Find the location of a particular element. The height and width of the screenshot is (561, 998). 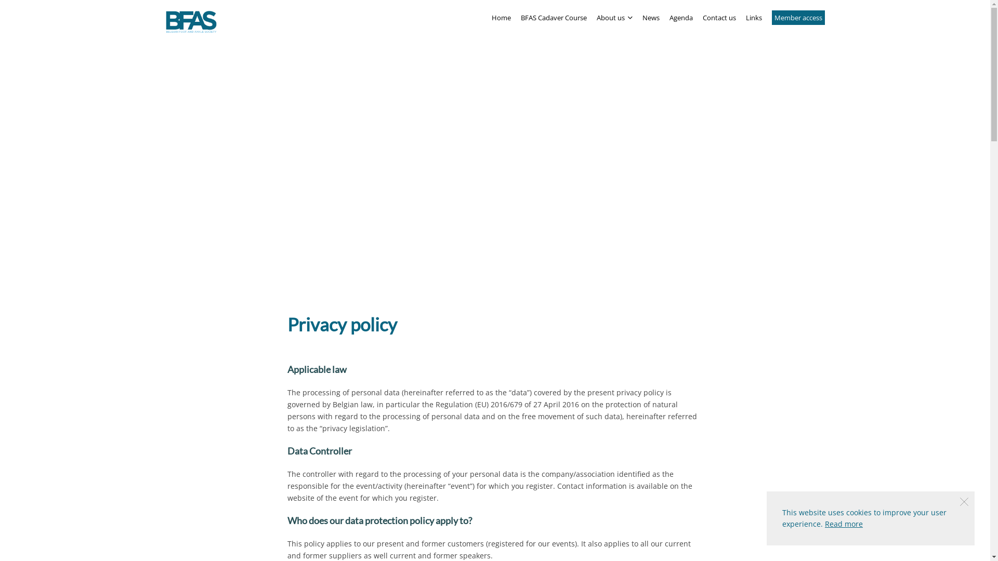

'Agenda' is located at coordinates (681, 18).